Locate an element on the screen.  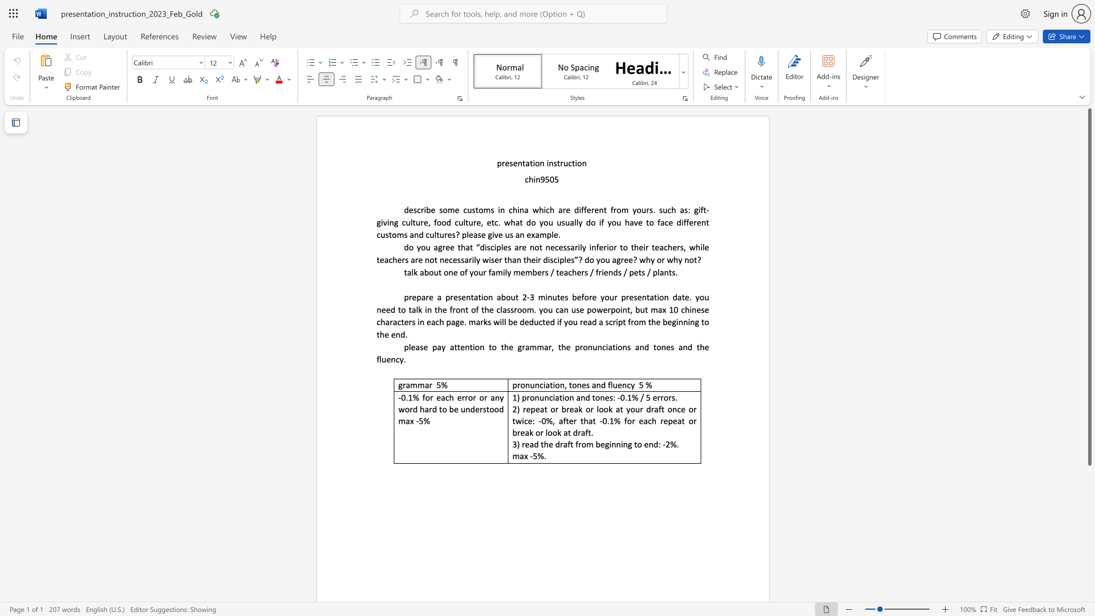
the scrollbar to scroll the page down is located at coordinates (1089, 496).